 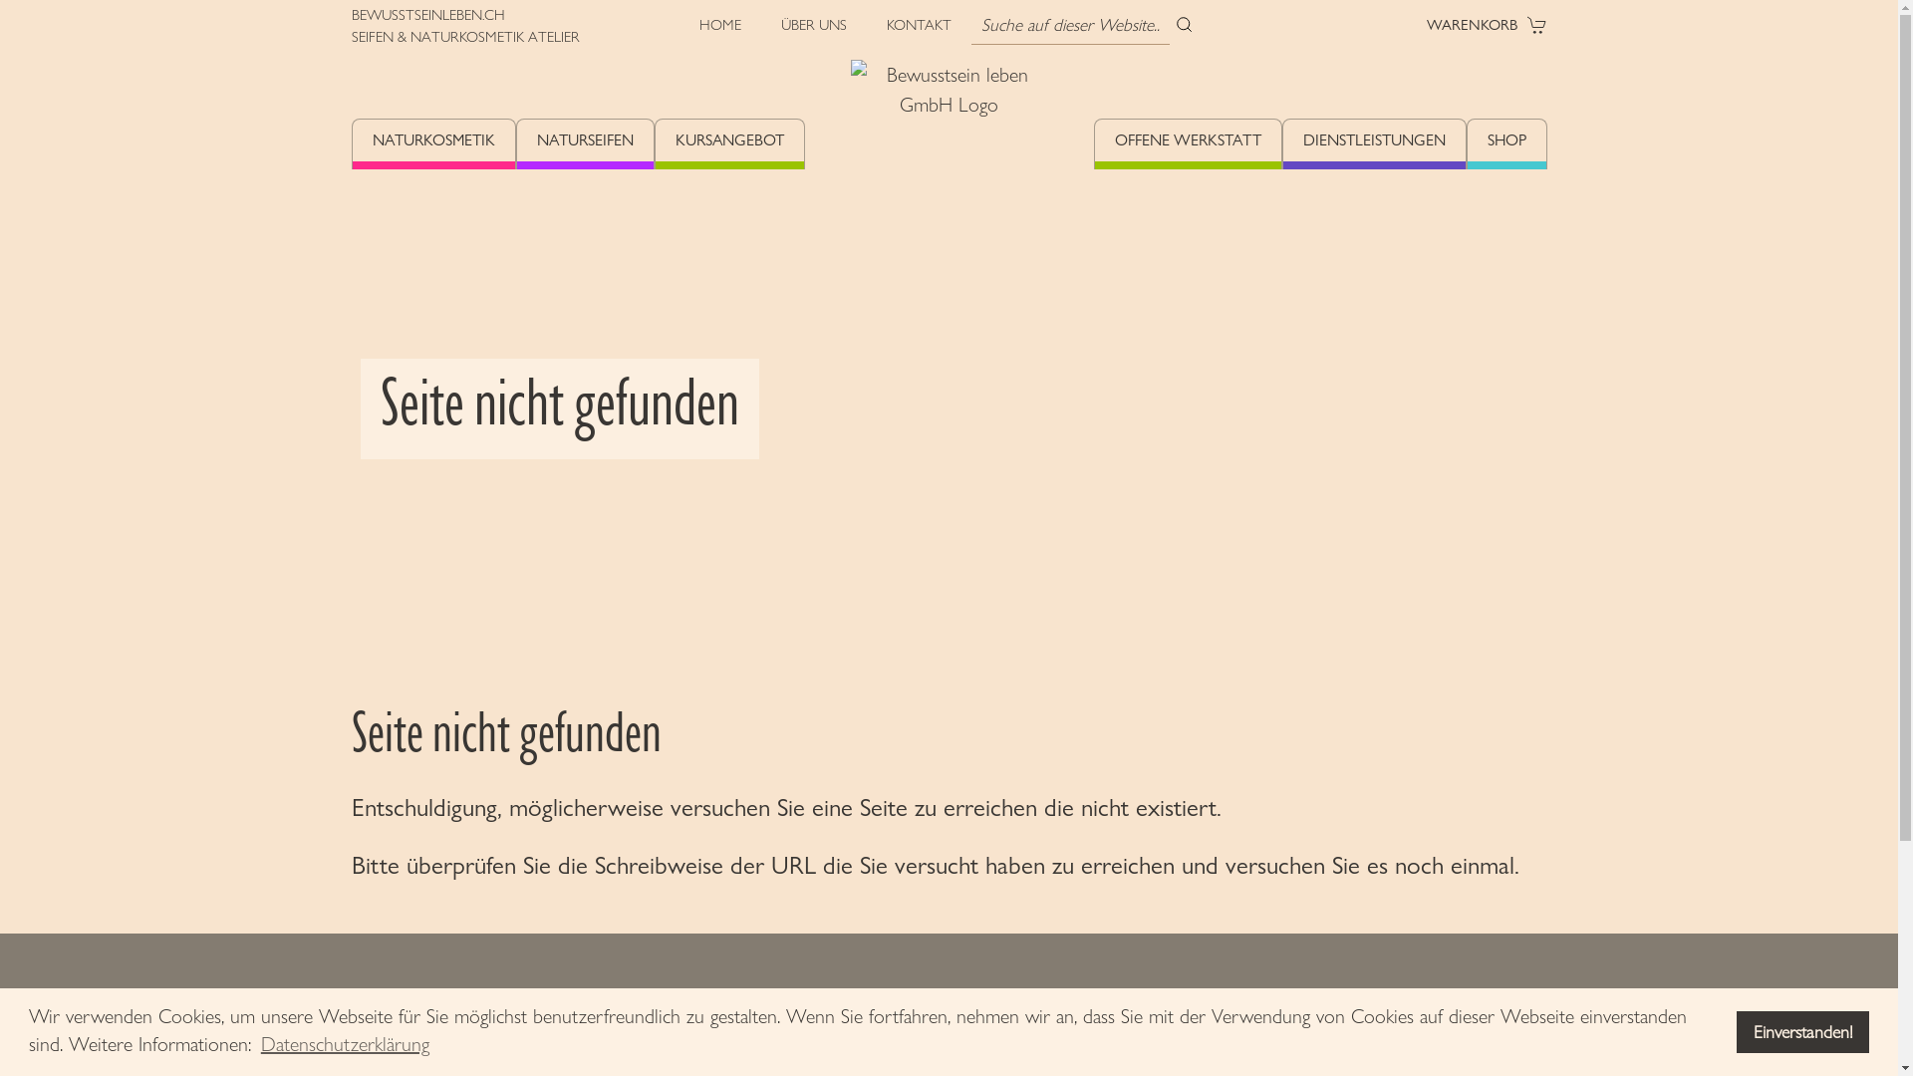 What do you see at coordinates (1373, 143) in the screenshot?
I see `'DIENSTLEISTUNGEN'` at bounding box center [1373, 143].